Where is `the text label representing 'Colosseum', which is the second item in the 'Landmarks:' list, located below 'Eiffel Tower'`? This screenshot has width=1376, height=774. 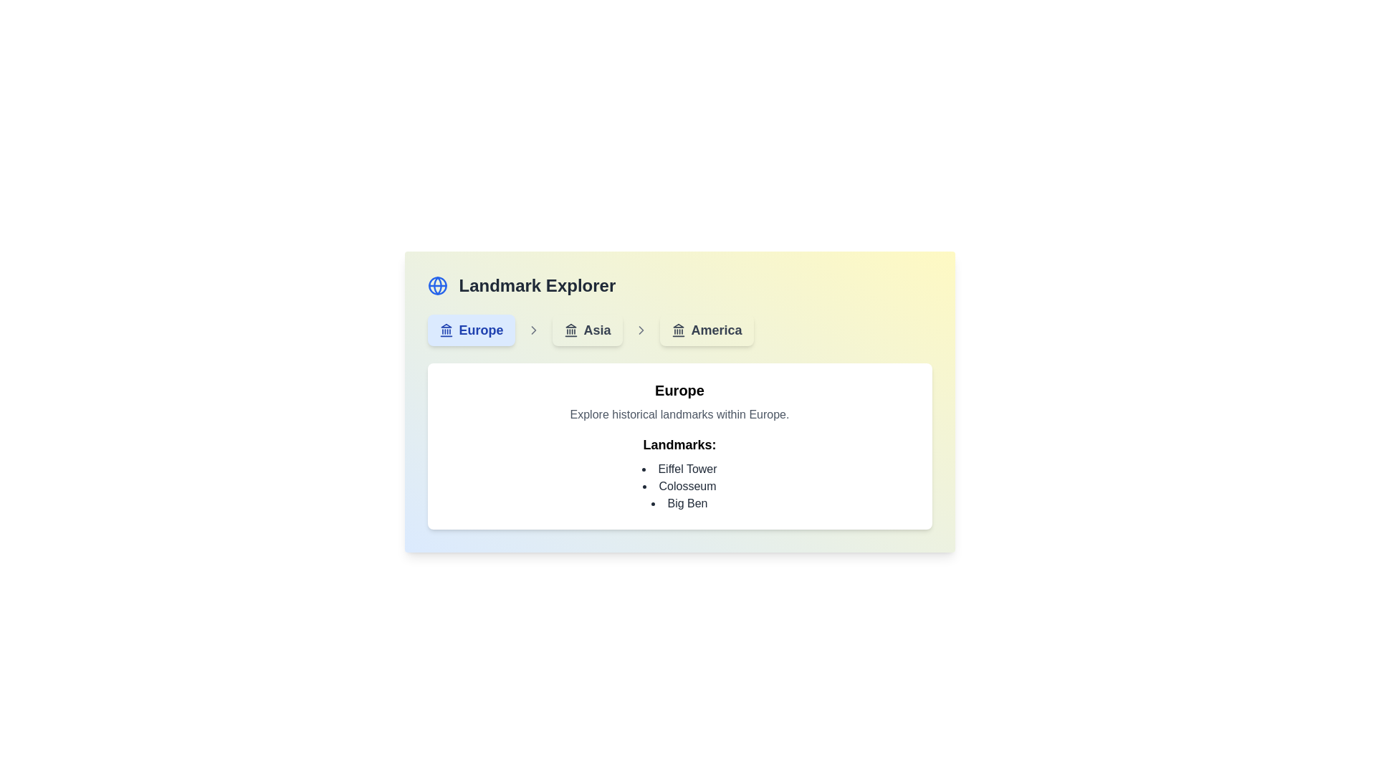 the text label representing 'Colosseum', which is the second item in the 'Landmarks:' list, located below 'Eiffel Tower' is located at coordinates (679, 485).